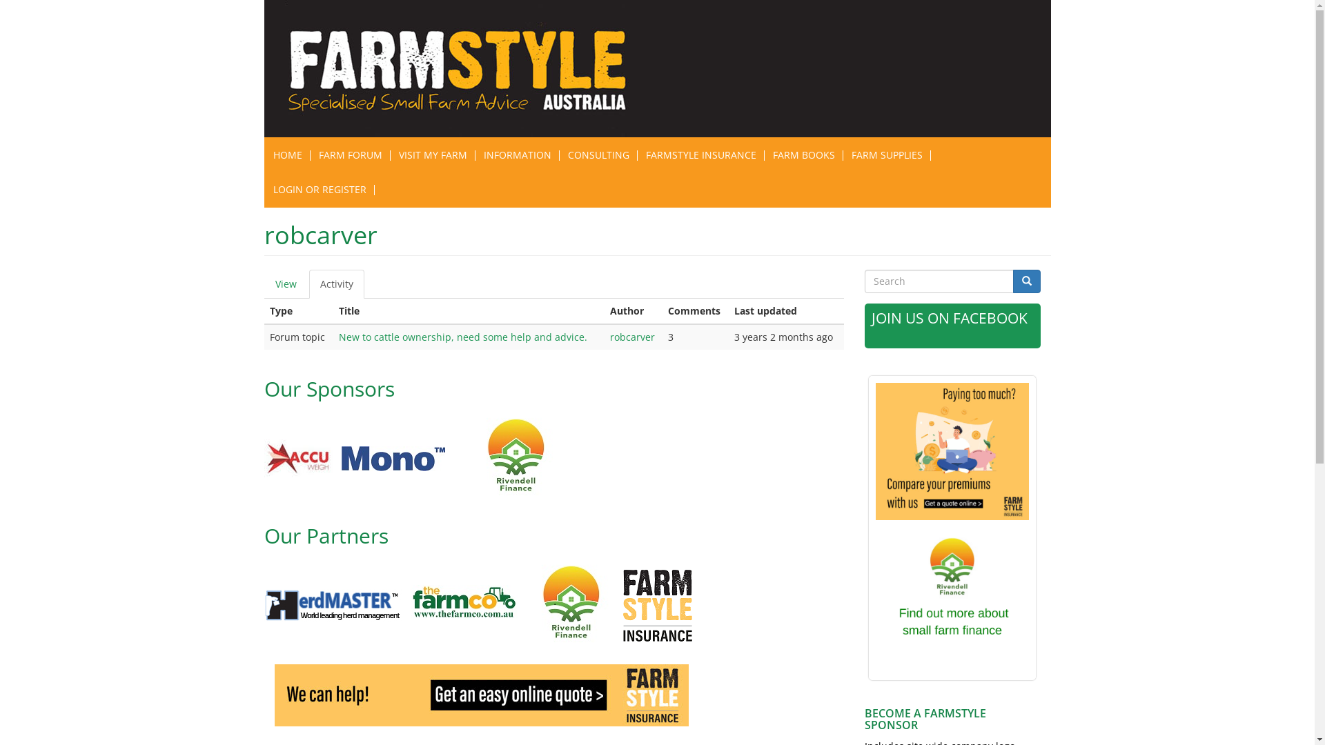 Image resolution: width=1325 pixels, height=745 pixels. I want to click on 'FARM BOOKS', so click(804, 155).